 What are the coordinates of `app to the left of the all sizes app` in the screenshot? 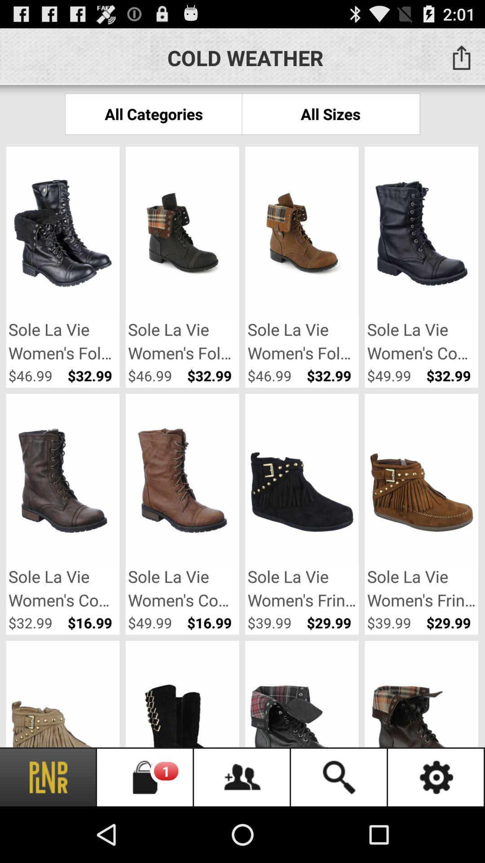 It's located at (153, 113).